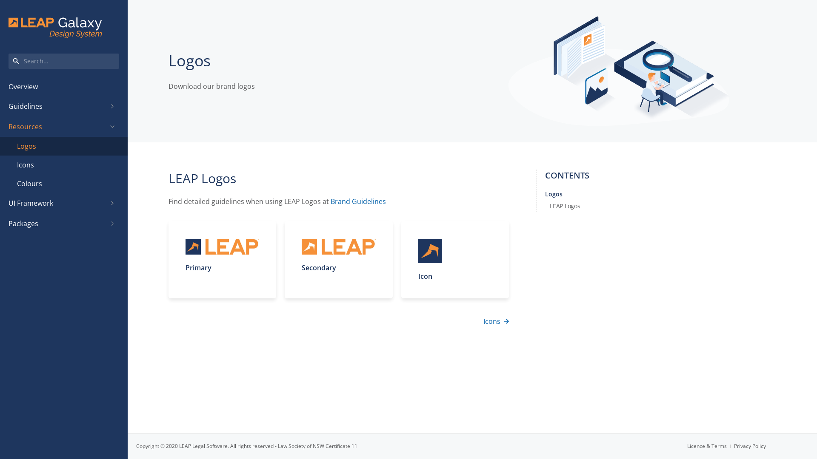 This screenshot has height=459, width=817. I want to click on 'Logos', so click(63, 145).